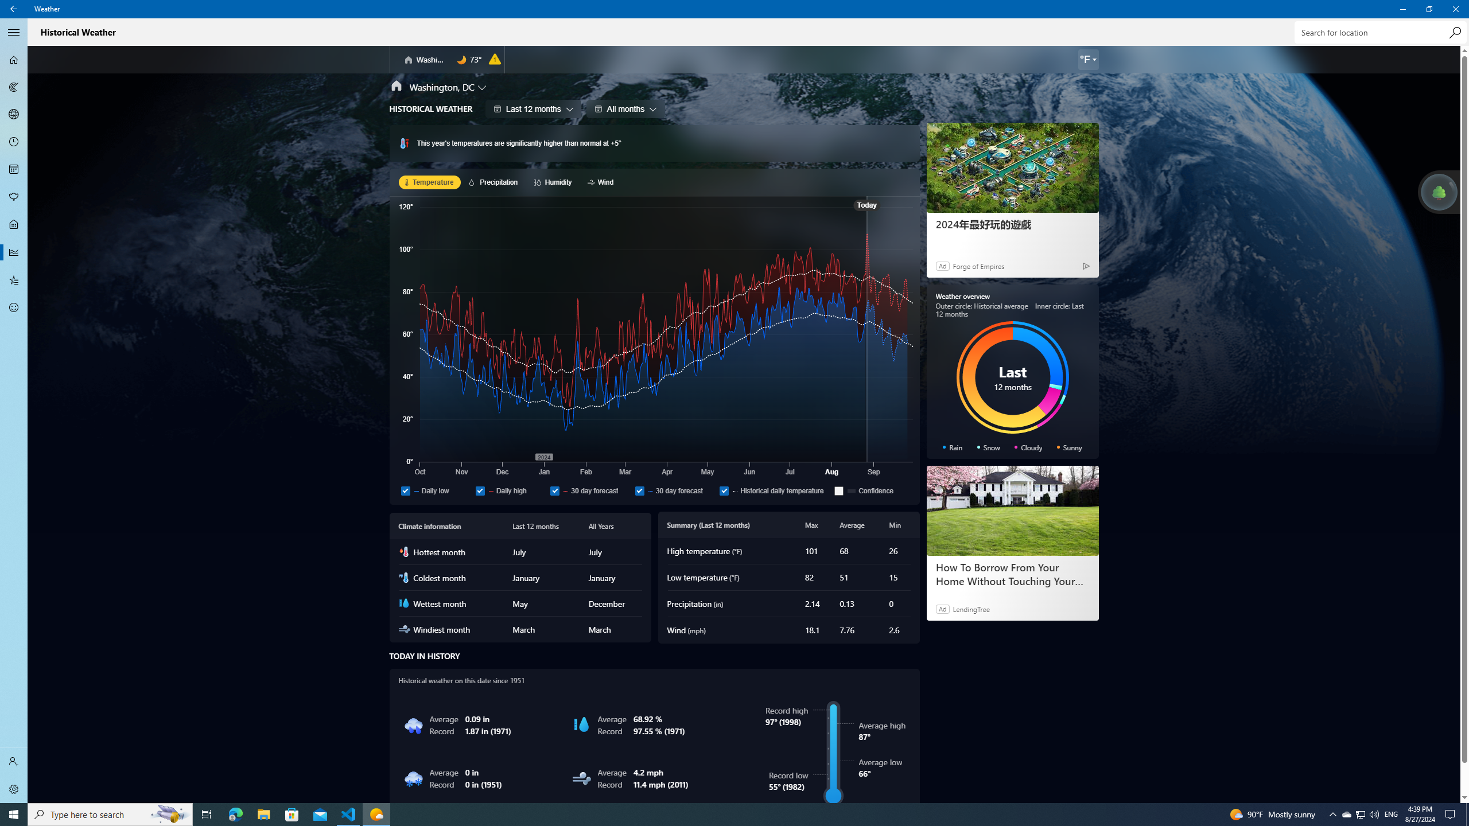  I want to click on 'Search for location', so click(1380, 32).